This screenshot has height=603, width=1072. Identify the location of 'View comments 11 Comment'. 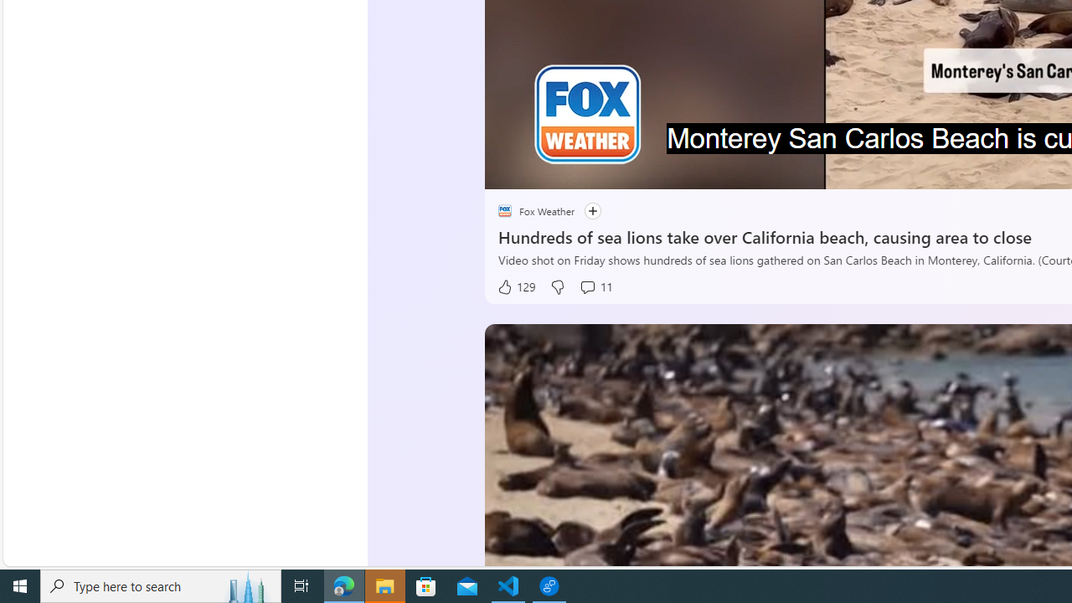
(595, 286).